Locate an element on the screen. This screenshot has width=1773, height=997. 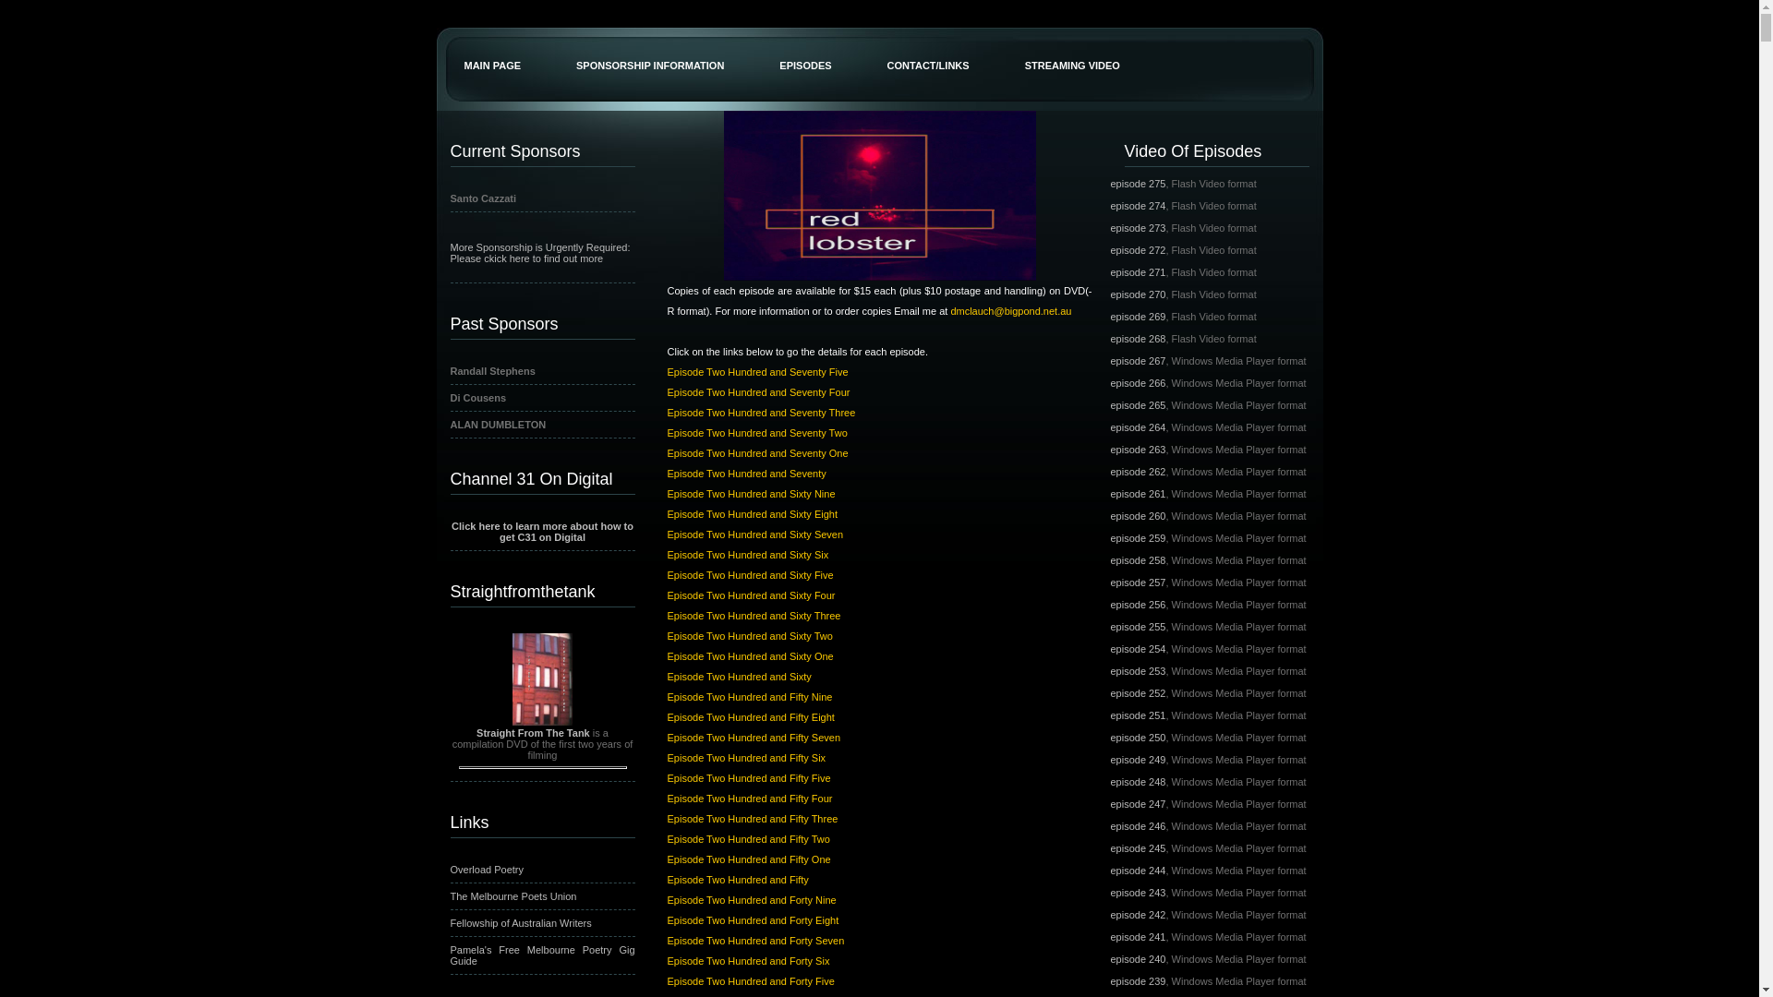
'Episode Two Hundred and Forty Nine' is located at coordinates (751, 899).